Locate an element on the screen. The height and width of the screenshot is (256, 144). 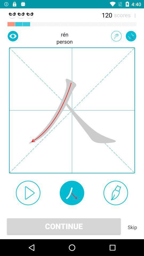
skip app is located at coordinates (132, 227).